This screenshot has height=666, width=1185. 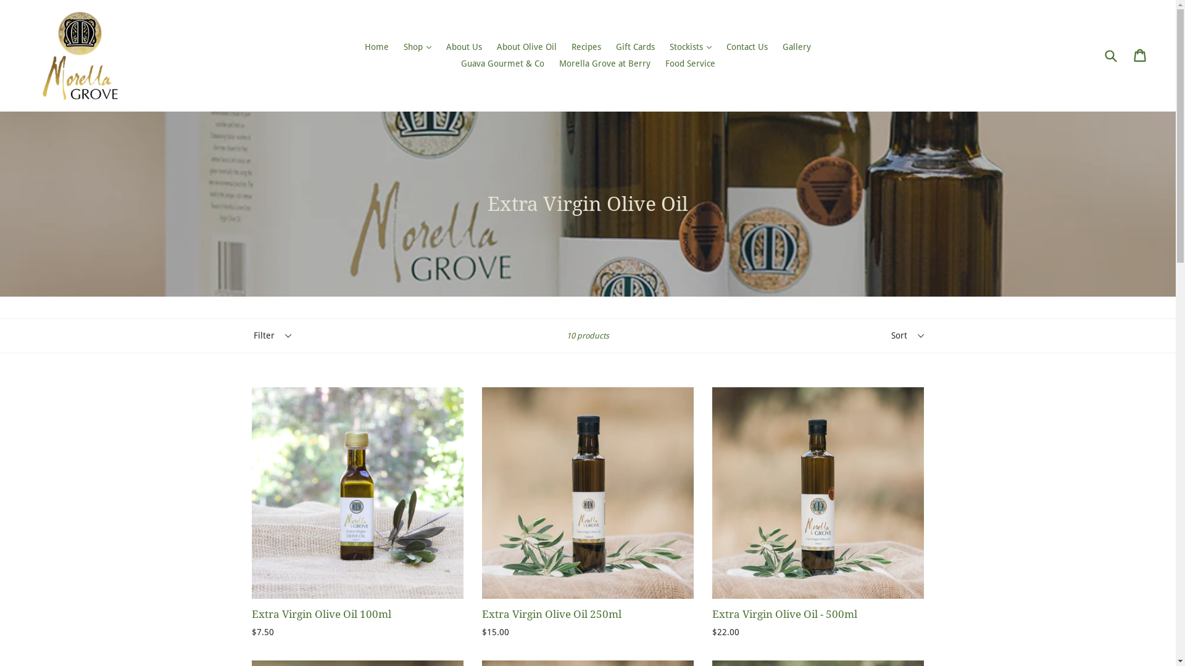 I want to click on 'Guava Gourmet & Co', so click(x=502, y=64).